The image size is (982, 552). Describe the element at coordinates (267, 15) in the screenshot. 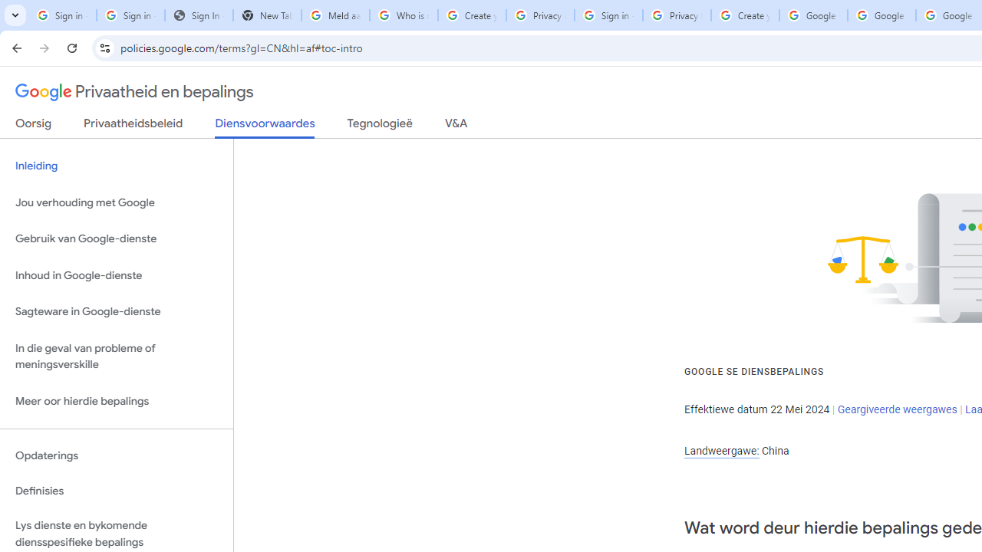

I see `'New Tab'` at that location.